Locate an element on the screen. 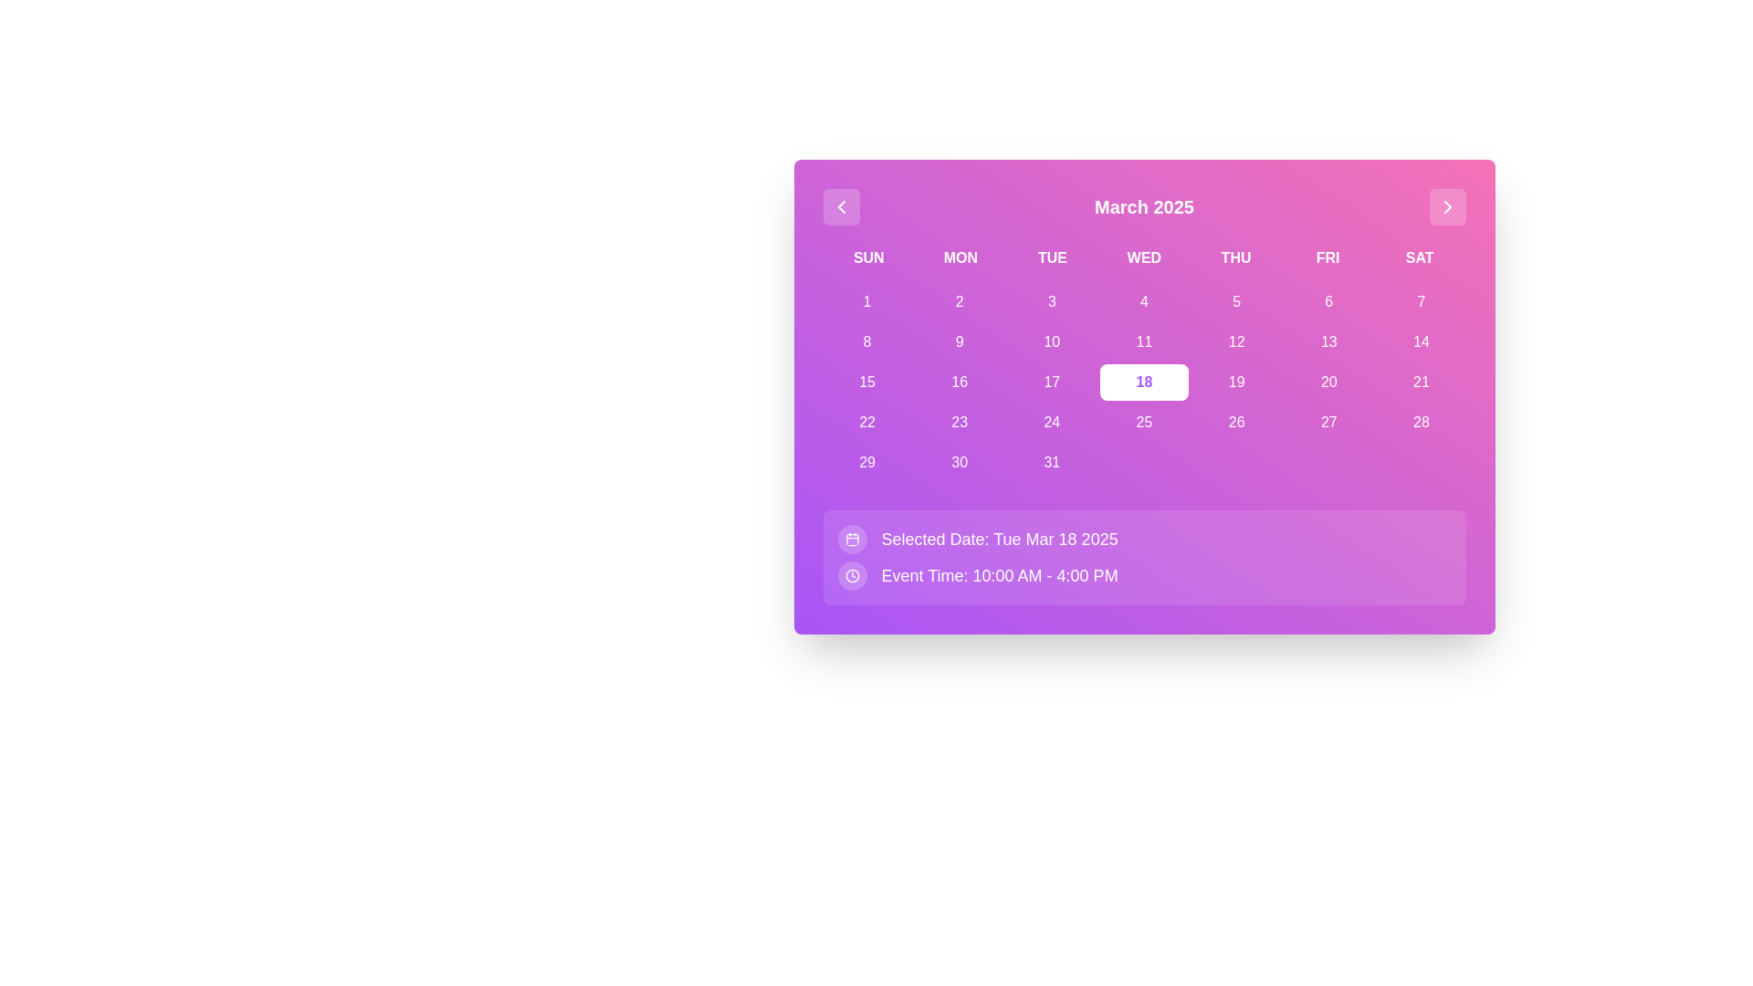 This screenshot has height=986, width=1753. the button that represents Friday, the 6th day of the month in the calendar view is located at coordinates (1328, 301).